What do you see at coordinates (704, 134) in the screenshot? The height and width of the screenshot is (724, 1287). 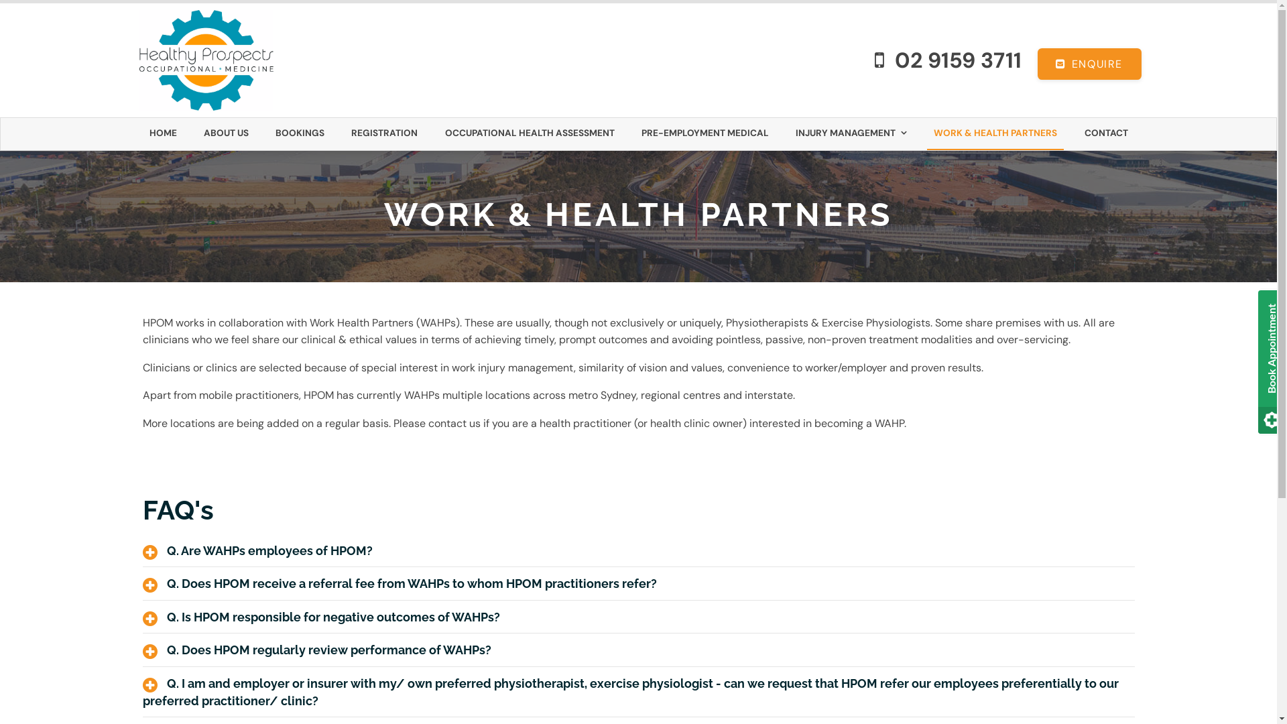 I see `'PRE-EMPLOYMENT MEDICAL'` at bounding box center [704, 134].